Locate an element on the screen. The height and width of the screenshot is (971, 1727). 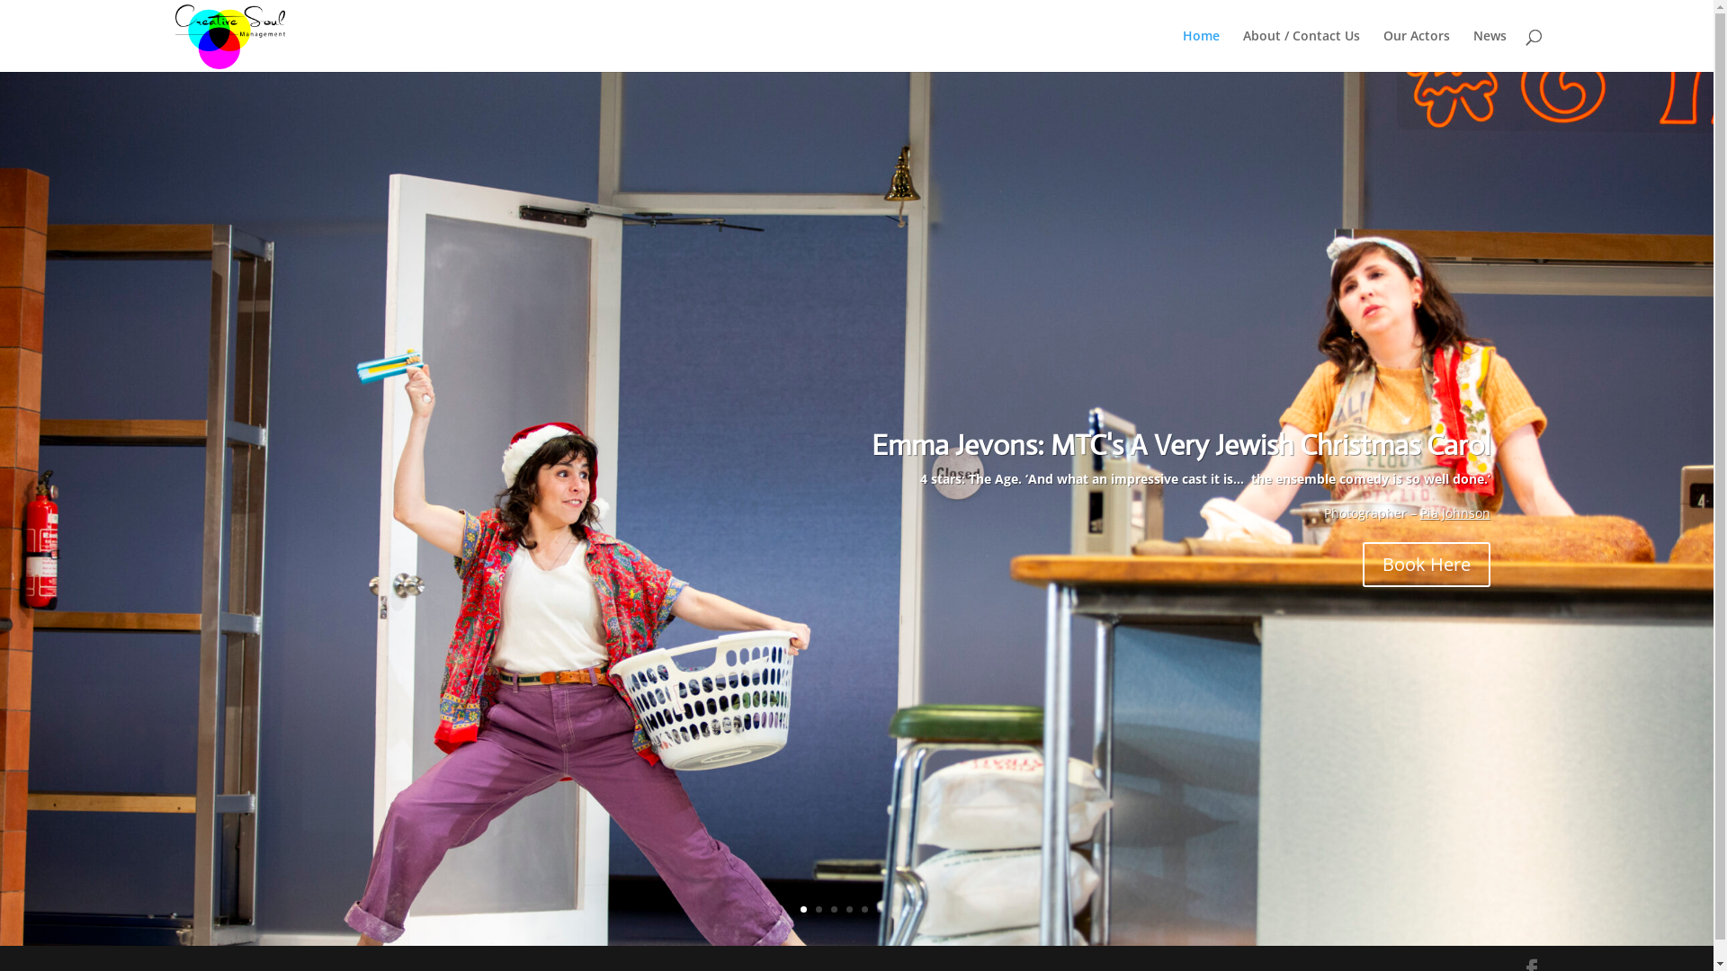
'8' is located at coordinates (909, 909).